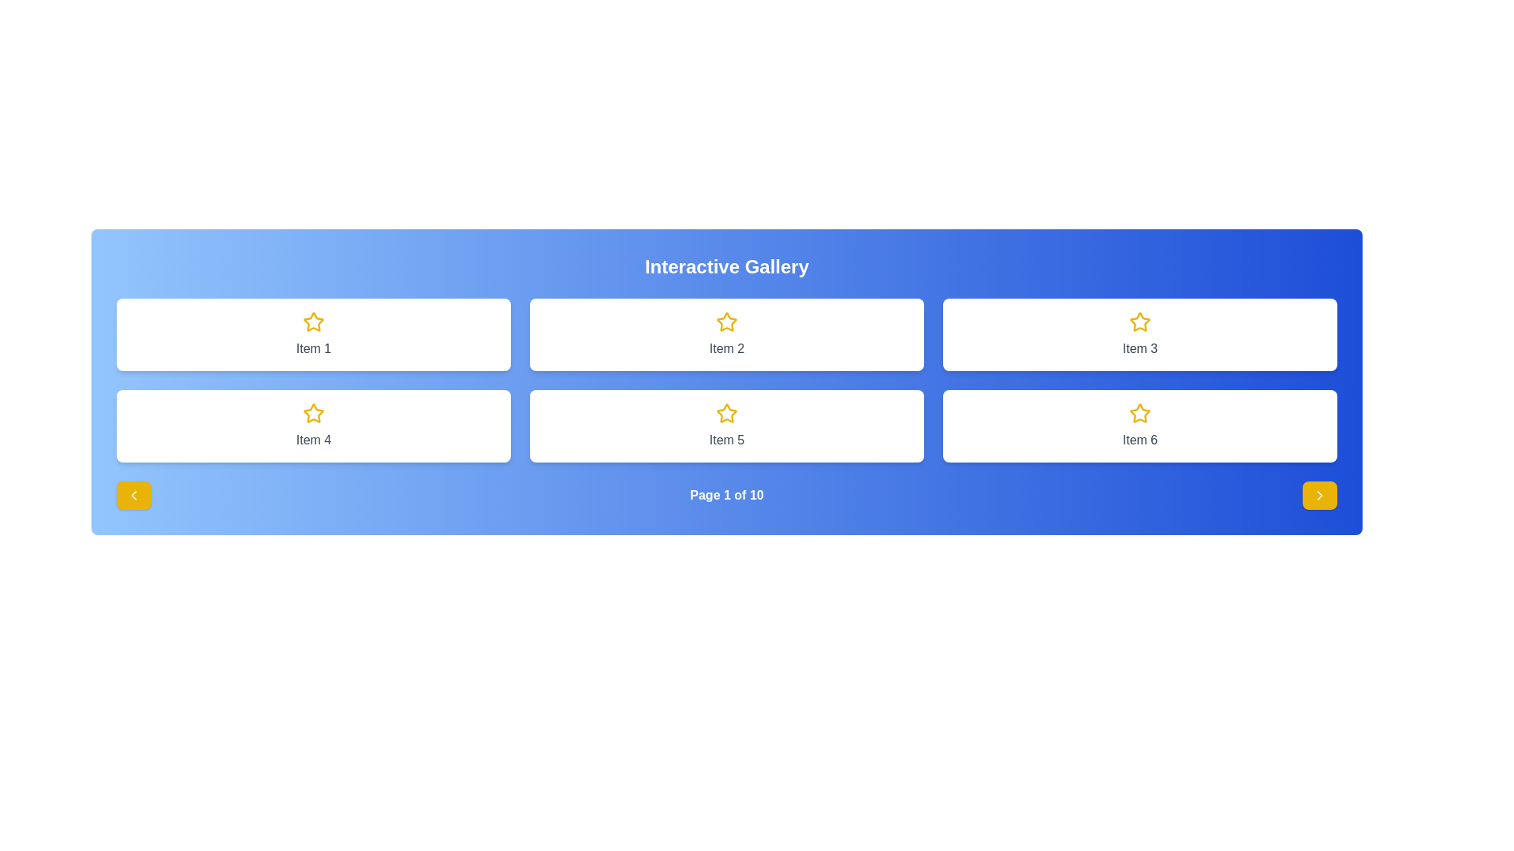  What do you see at coordinates (725, 412) in the screenshot?
I see `the star icon located in the second column of the bottom row under the 'Item 5' label, which serves as a visual indicator in a star rating system` at bounding box center [725, 412].